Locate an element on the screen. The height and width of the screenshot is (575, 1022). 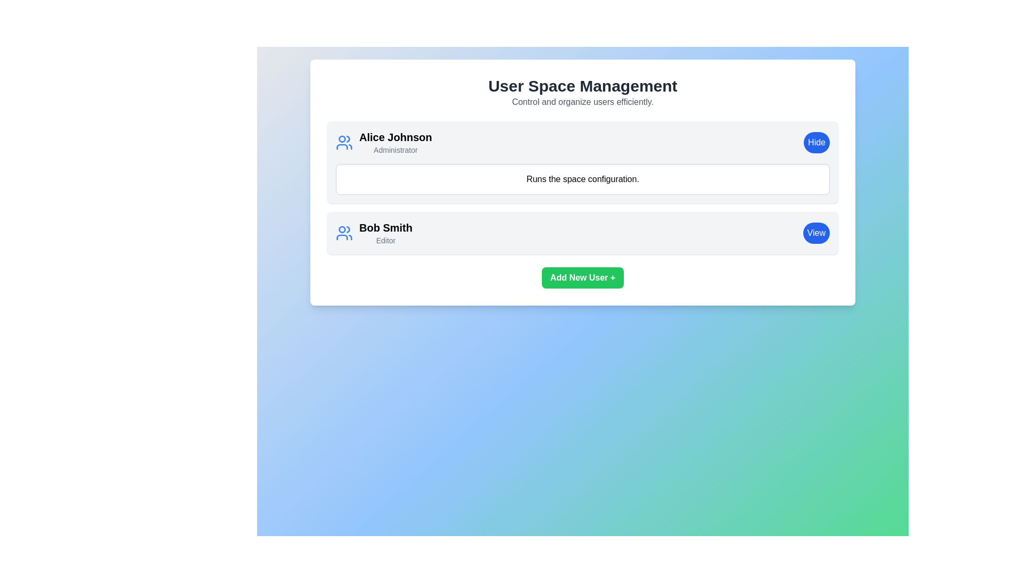
text label indicating the user's role, which is 'Editor', located under the title 'Bob Smith' in the user card is located at coordinates (385, 240).